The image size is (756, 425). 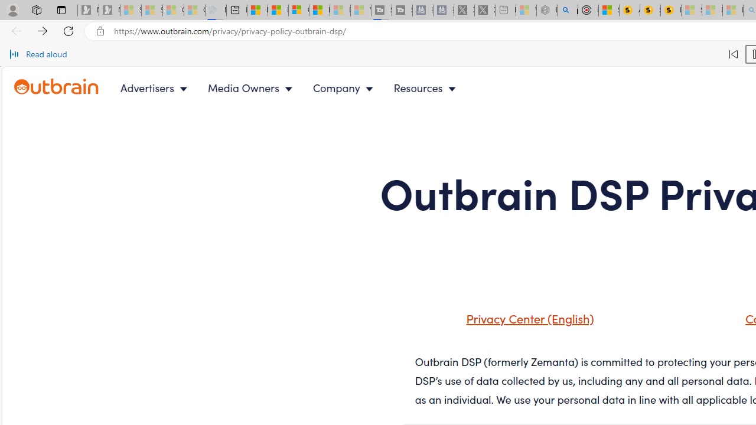 I want to click on 'Newsletter Sign Up - Sleeping', so click(x=109, y=10).